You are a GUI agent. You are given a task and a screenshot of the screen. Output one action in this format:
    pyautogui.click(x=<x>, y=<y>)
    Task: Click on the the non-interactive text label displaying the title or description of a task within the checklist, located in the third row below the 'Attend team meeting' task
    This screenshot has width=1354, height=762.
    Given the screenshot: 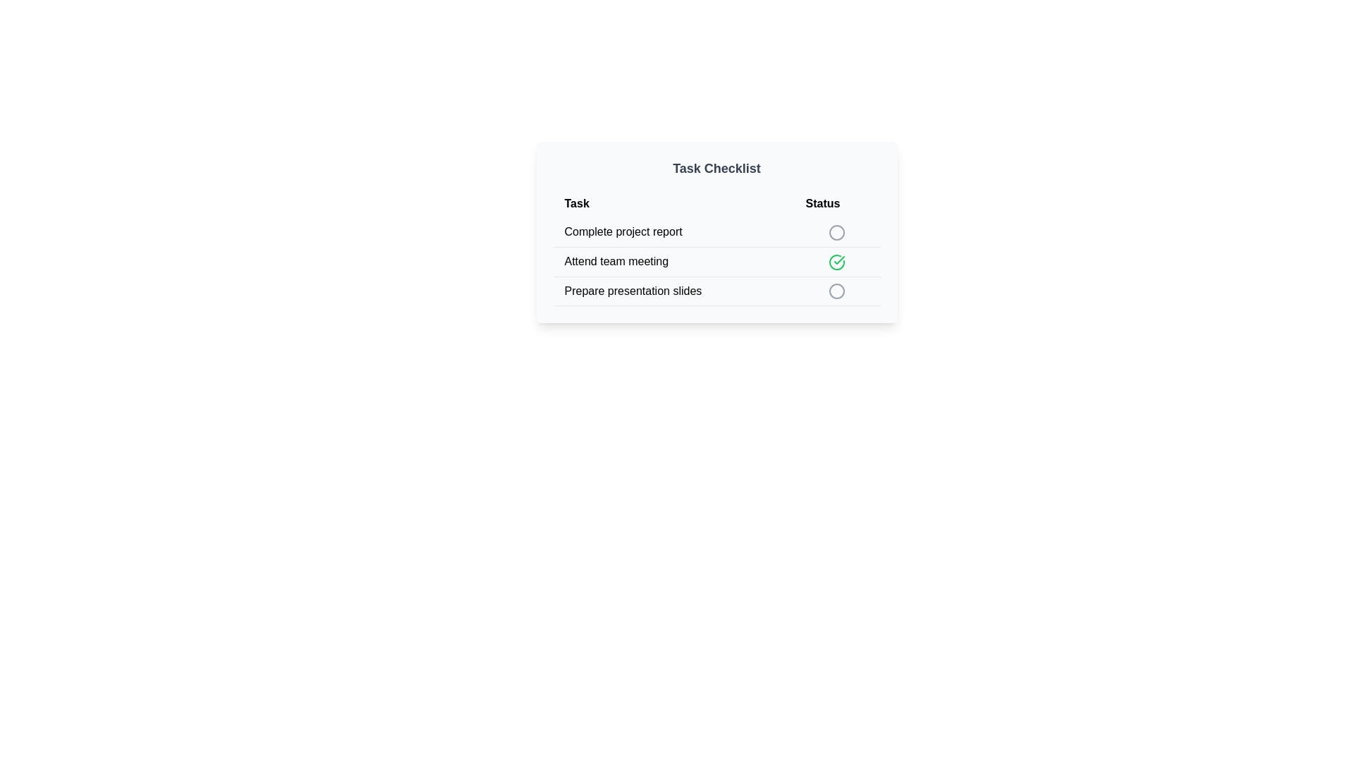 What is the action you would take?
    pyautogui.click(x=673, y=290)
    